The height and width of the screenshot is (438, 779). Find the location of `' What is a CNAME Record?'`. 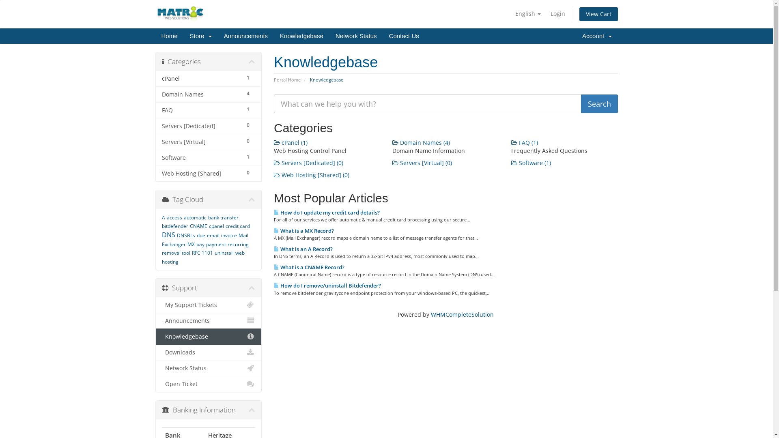

' What is a CNAME Record?' is located at coordinates (309, 267).